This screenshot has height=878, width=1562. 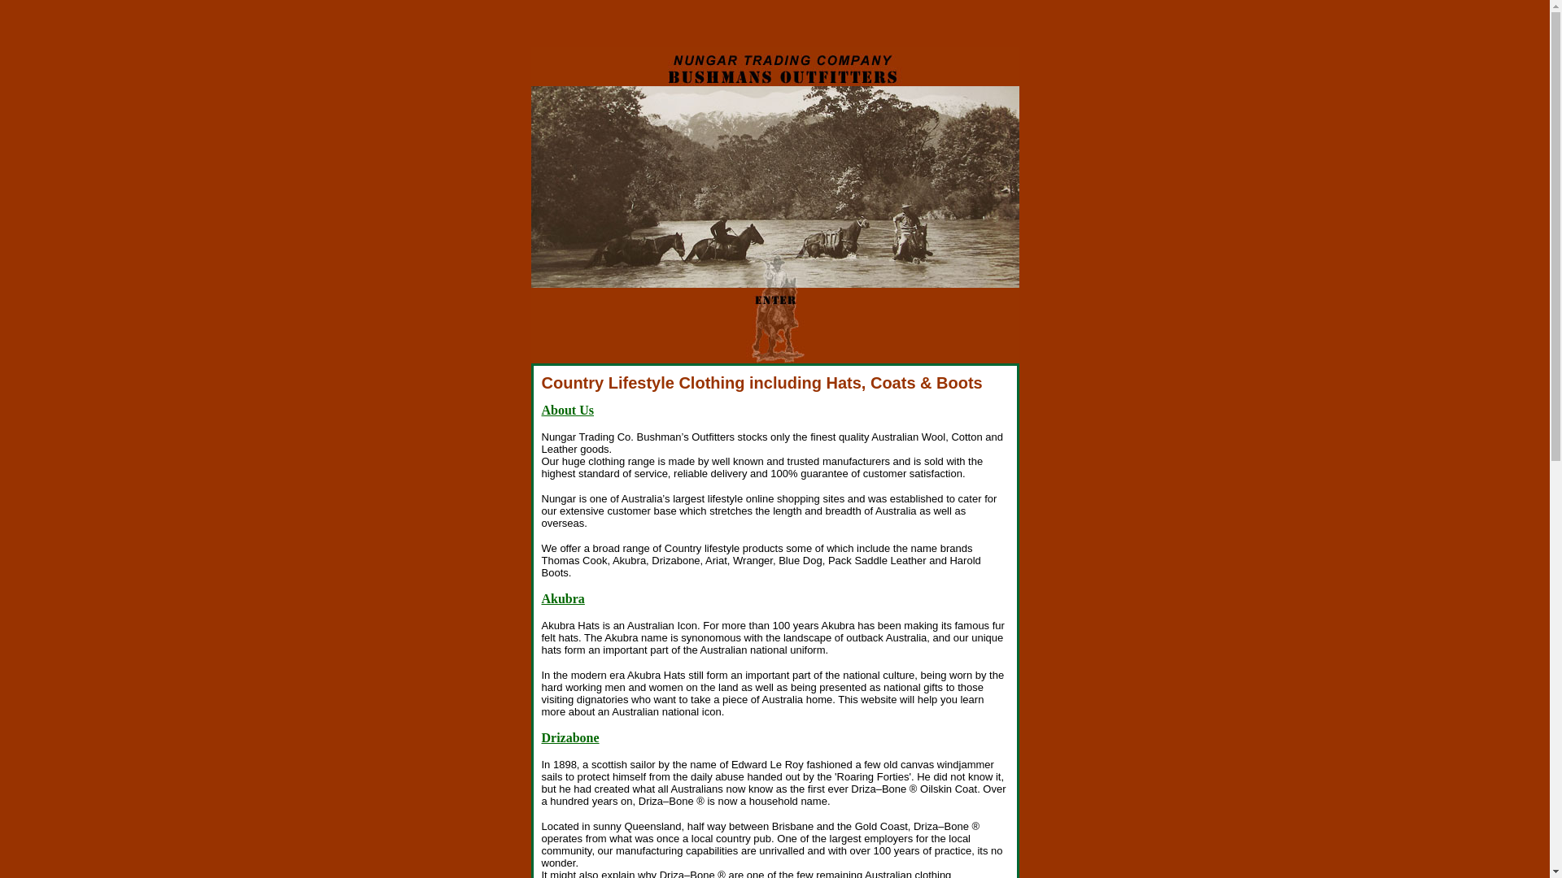 I want to click on 'Akubra', so click(x=563, y=598).